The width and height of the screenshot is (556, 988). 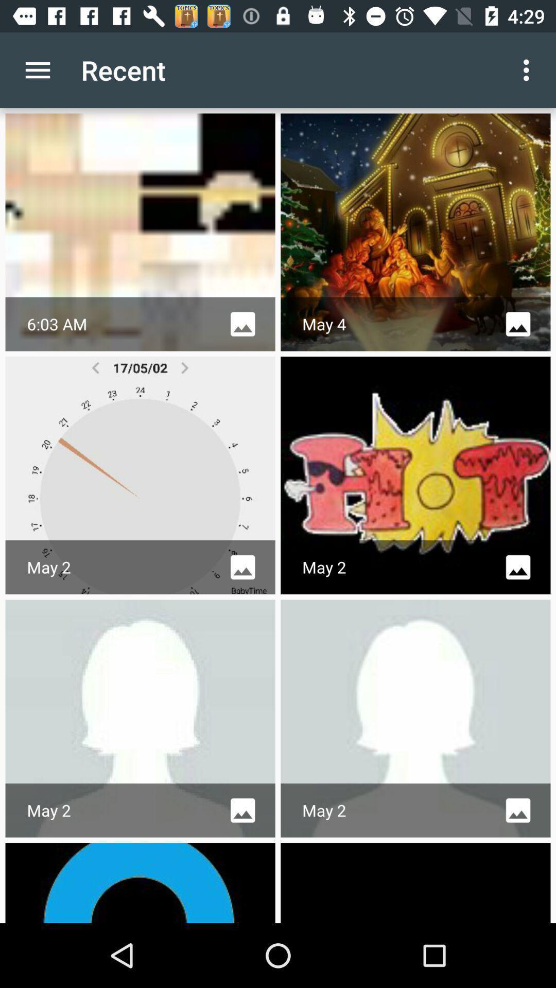 What do you see at coordinates (141, 475) in the screenshot?
I see `first option in second row` at bounding box center [141, 475].